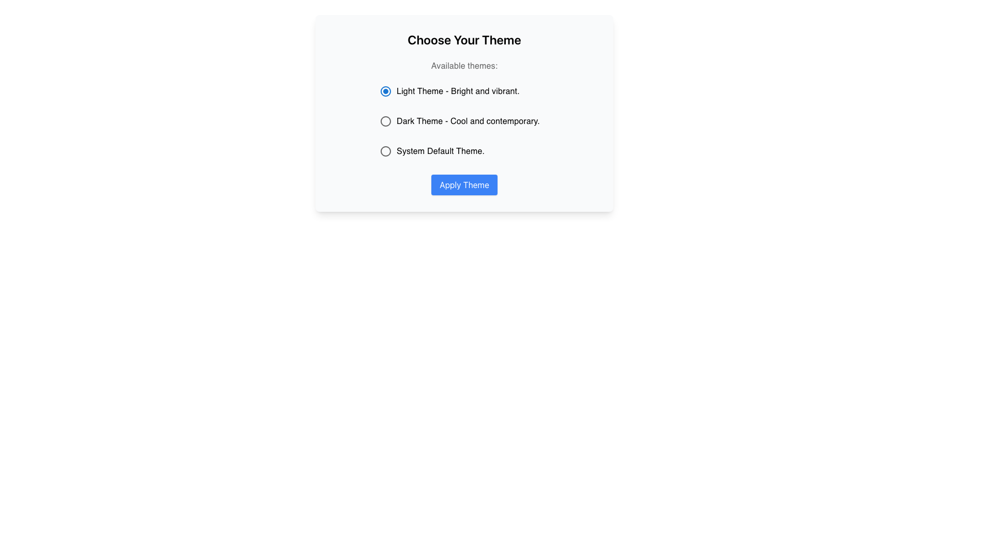  Describe the element at coordinates (457, 91) in the screenshot. I see `the text label that reads 'Light Theme - Bright and vibrant.' which is the topmost entry in a vertically arranged selection list inside a modal` at that location.